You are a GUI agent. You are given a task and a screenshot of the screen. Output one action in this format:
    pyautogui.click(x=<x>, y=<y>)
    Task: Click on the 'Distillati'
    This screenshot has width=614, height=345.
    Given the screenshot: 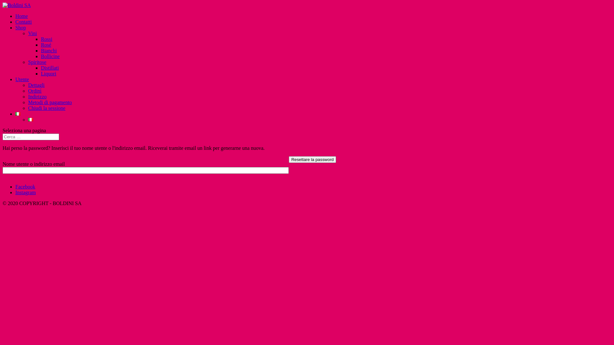 What is the action you would take?
    pyautogui.click(x=50, y=68)
    